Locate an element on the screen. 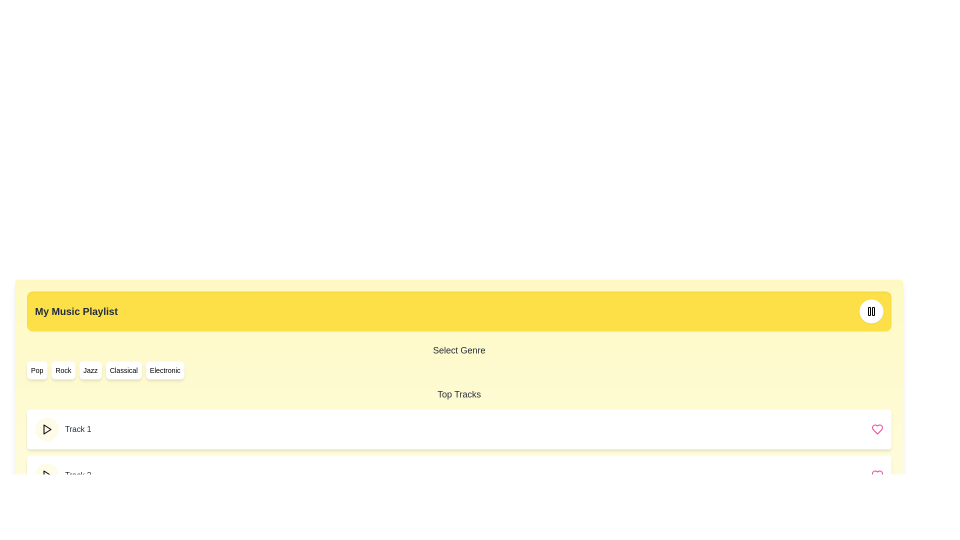 Image resolution: width=960 pixels, height=540 pixels. the play button, represented by a small rightward-pointing triangular glyph, located within the rectangular area associated with 'Track 2' in the playlist is located at coordinates (47, 475).